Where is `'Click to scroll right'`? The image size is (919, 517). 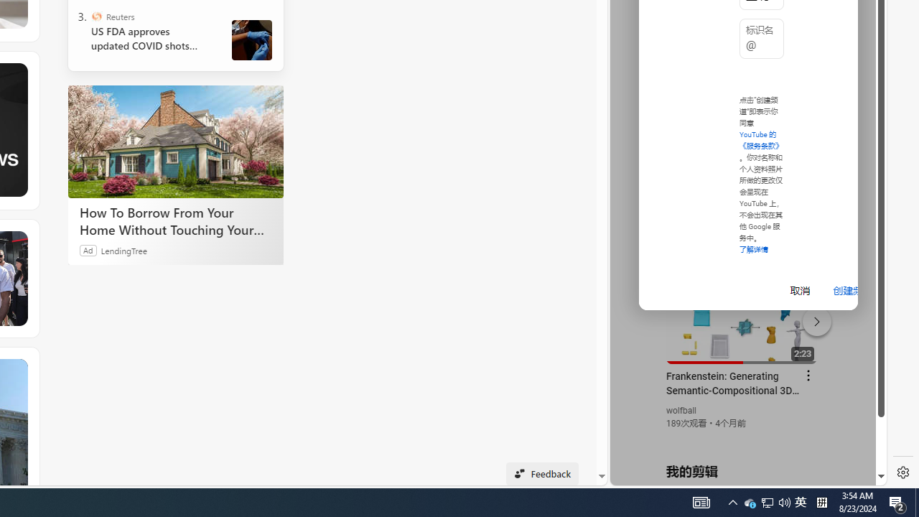
'Click to scroll right' is located at coordinates (859, 59).